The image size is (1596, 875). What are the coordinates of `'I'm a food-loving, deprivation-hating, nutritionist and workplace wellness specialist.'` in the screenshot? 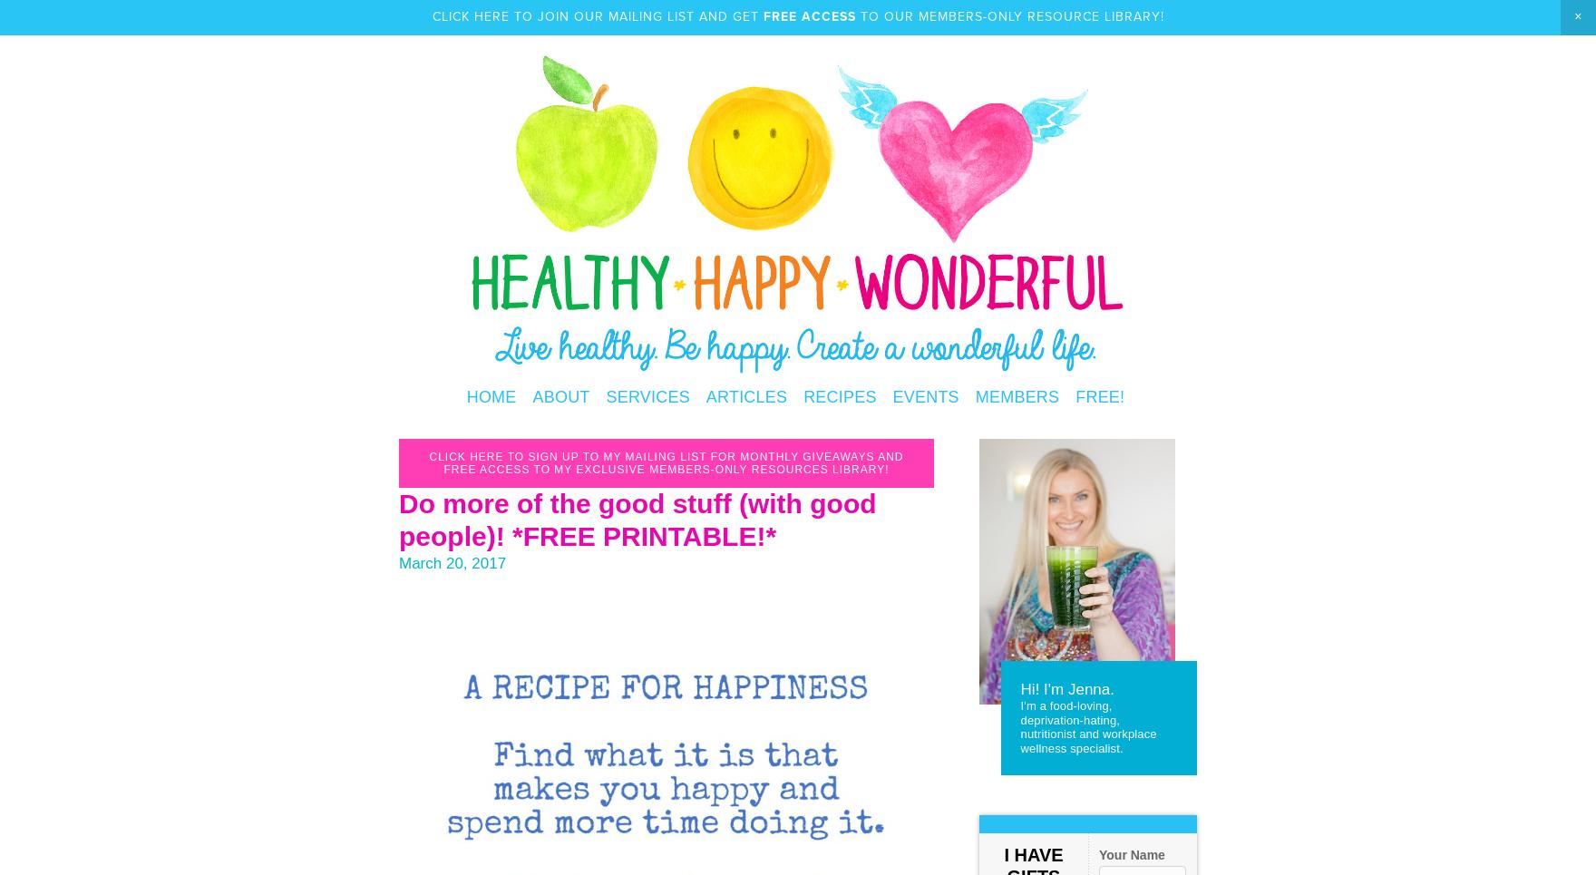 It's located at (1089, 727).